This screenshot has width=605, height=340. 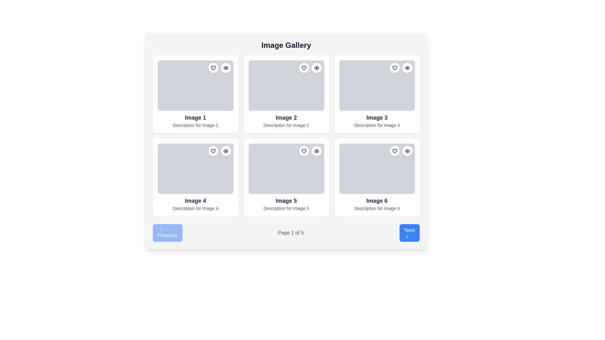 What do you see at coordinates (286, 94) in the screenshot?
I see `the card component titled 'Image 2' in the 'Image Gallery' section` at bounding box center [286, 94].